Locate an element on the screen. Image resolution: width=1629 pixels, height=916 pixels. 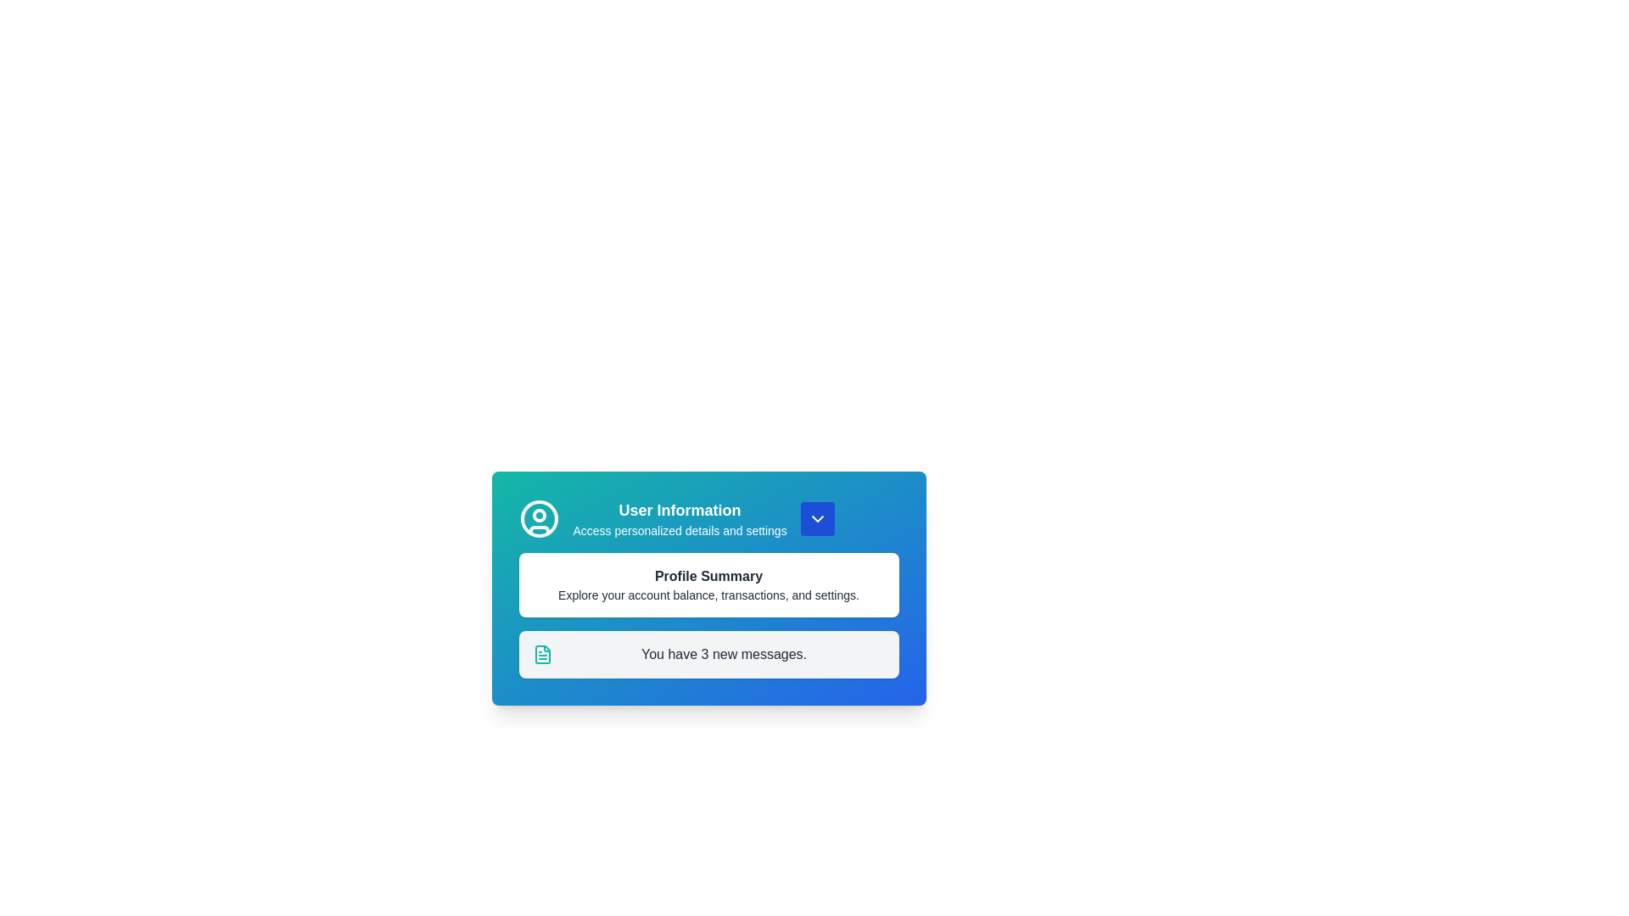
the static text element that presents supplementary information, styled with a small gray font, located below the 'Profile Summary' header within a card structure is located at coordinates (708, 595).